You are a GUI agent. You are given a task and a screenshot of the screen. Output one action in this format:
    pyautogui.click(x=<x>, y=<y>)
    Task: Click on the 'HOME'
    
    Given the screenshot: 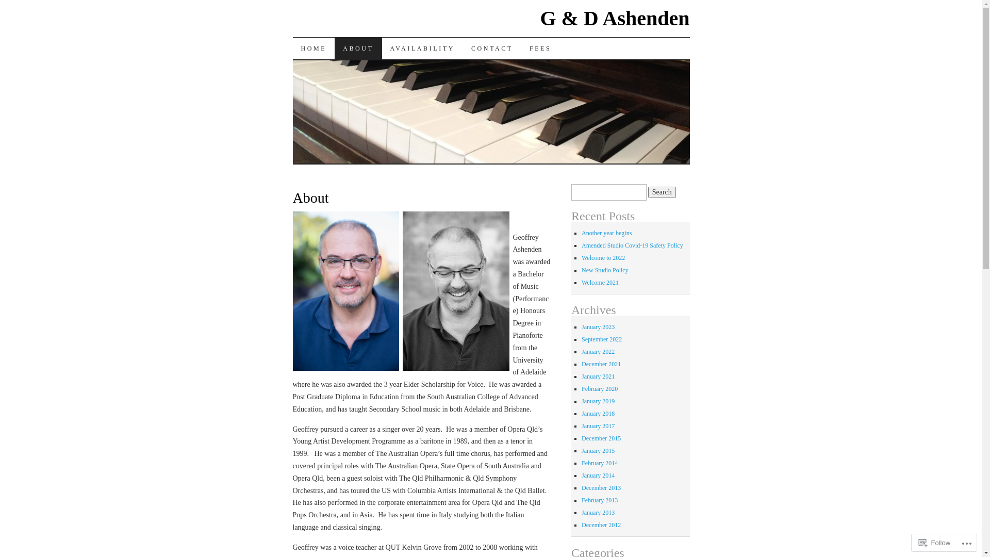 What is the action you would take?
    pyautogui.click(x=313, y=48)
    